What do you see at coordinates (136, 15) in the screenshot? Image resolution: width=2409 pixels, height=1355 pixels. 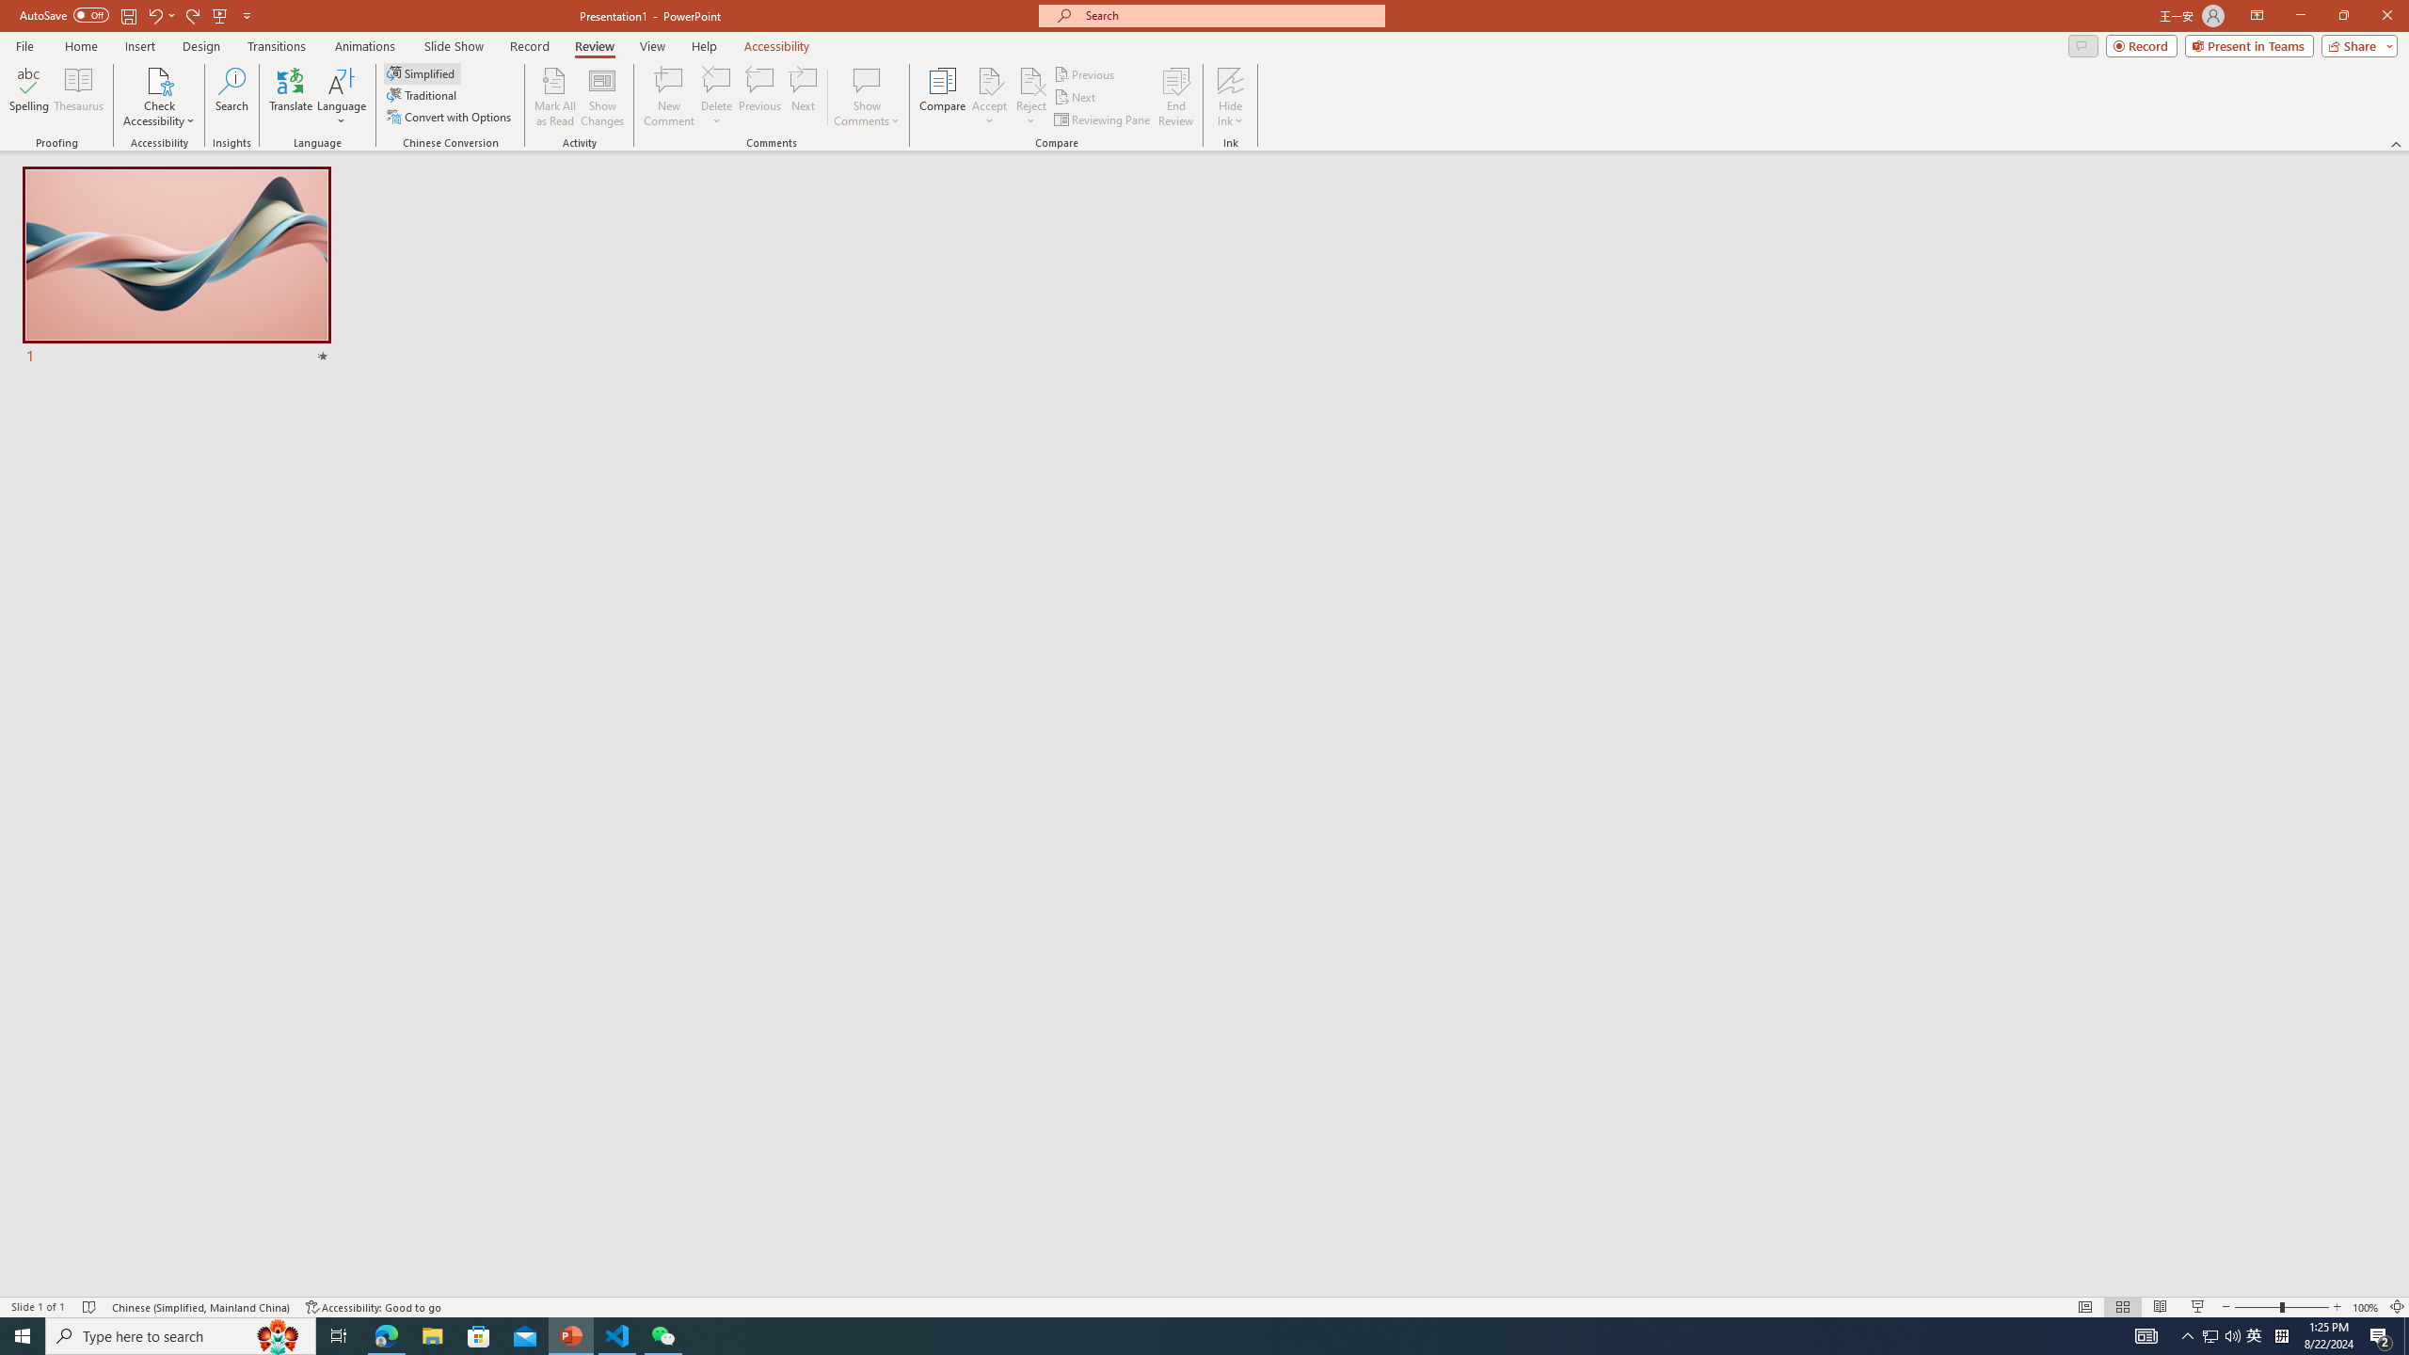 I see `'Quick Access Toolbar'` at bounding box center [136, 15].